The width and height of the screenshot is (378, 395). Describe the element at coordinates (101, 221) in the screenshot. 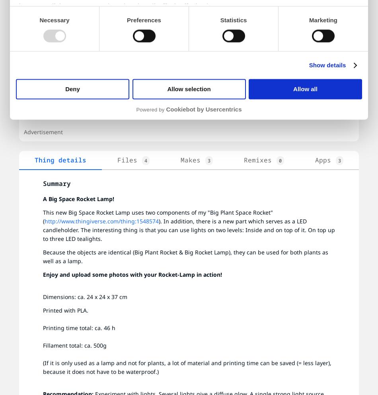

I see `'http://www.thingiverse.com/thing:1548574'` at that location.